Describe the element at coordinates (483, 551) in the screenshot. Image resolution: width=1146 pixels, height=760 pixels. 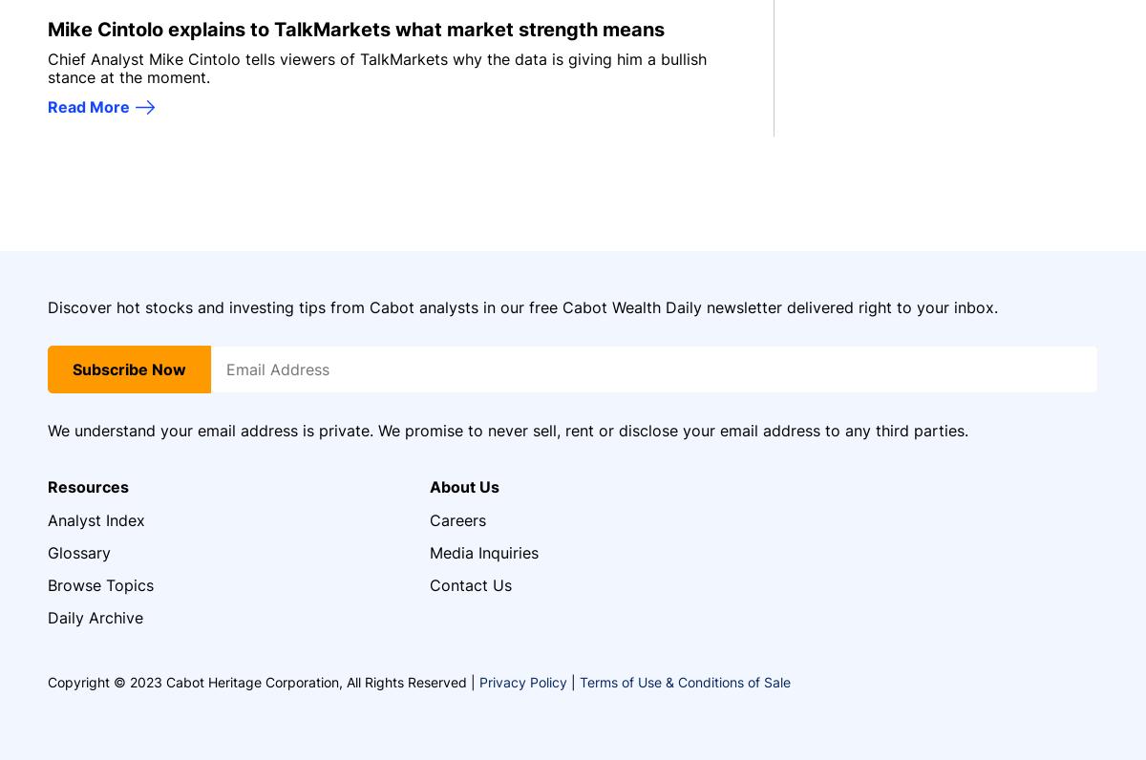
I see `'Media Inquiries'` at that location.